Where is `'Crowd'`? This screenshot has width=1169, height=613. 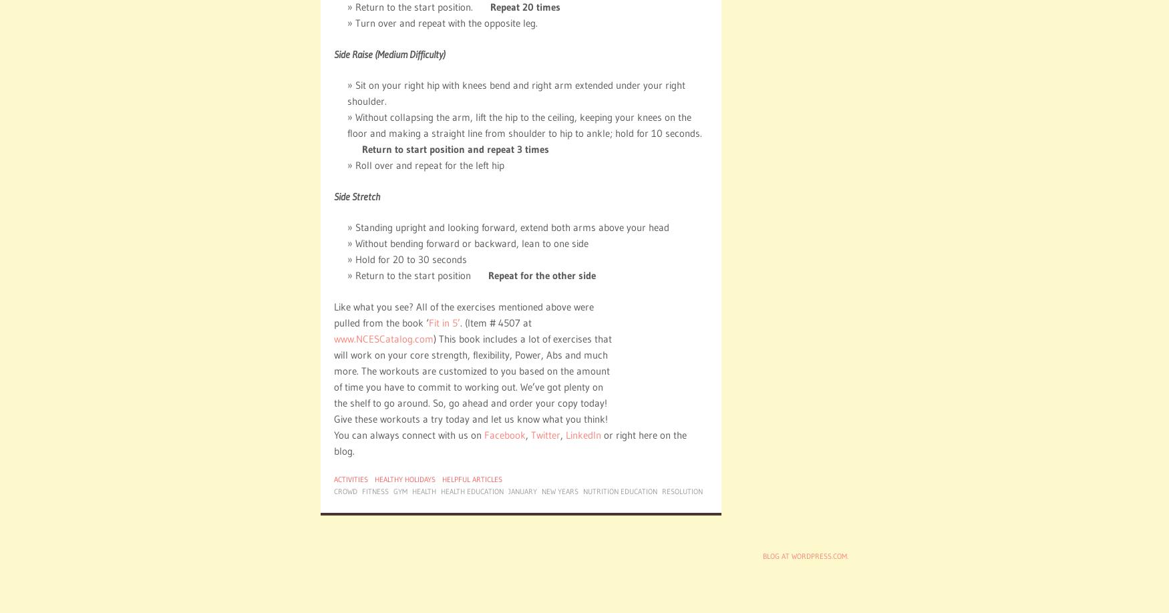 'Crowd' is located at coordinates (333, 490).